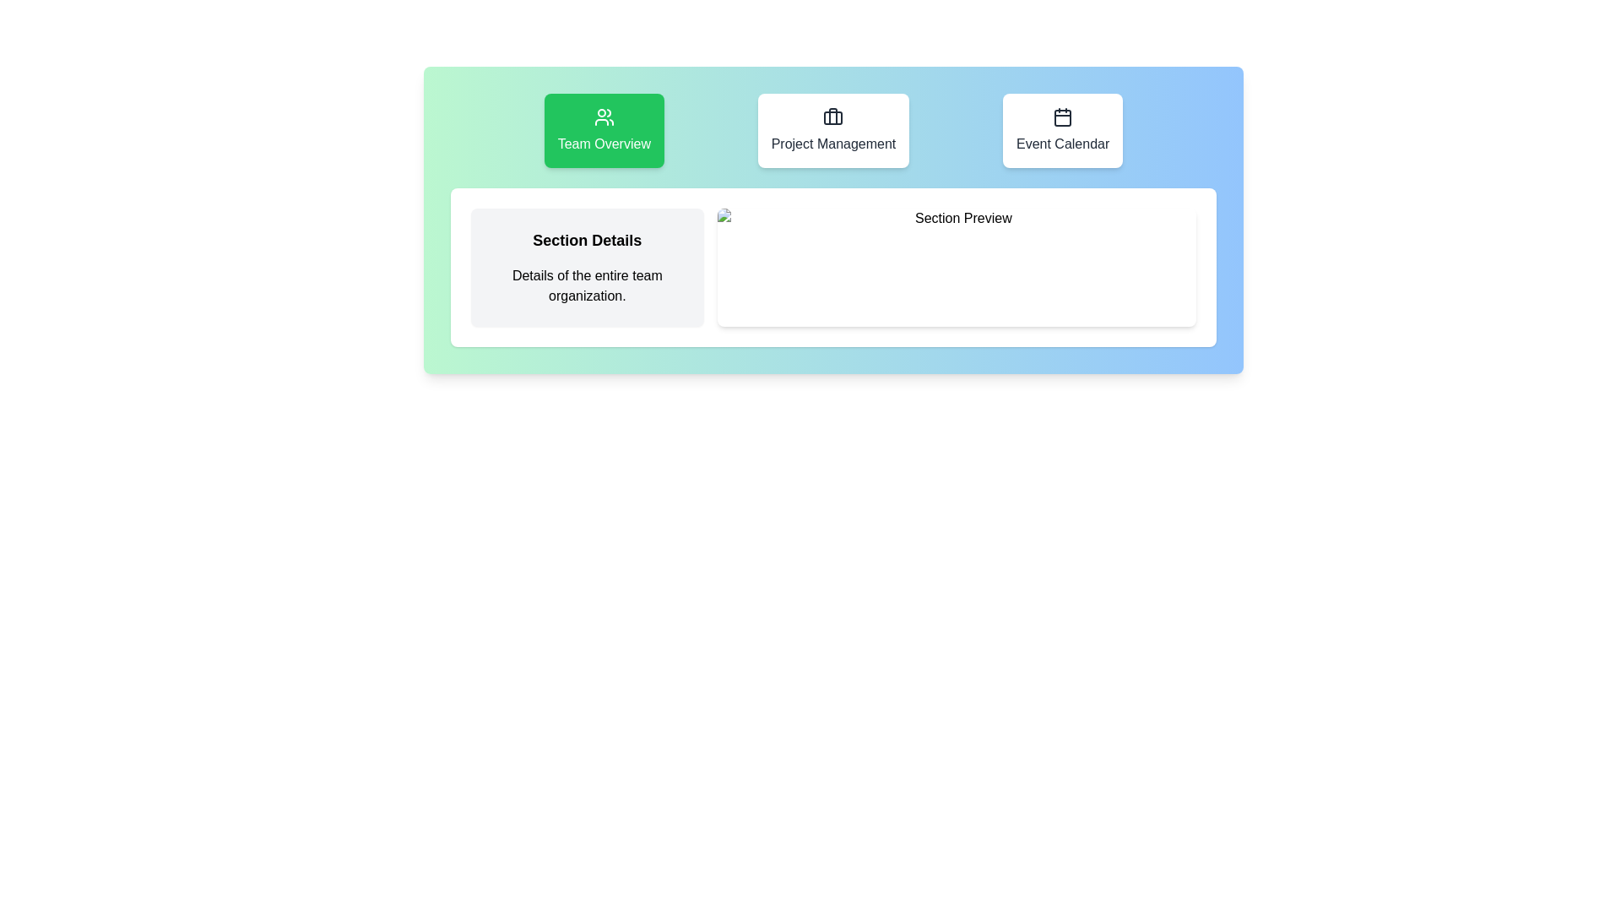  Describe the element at coordinates (1062, 143) in the screenshot. I see `the 'Event Calendar' text label, which is displayed in medium font weight on a blue background card, located below a calendar icon and positioned as the third card in the top row` at that location.